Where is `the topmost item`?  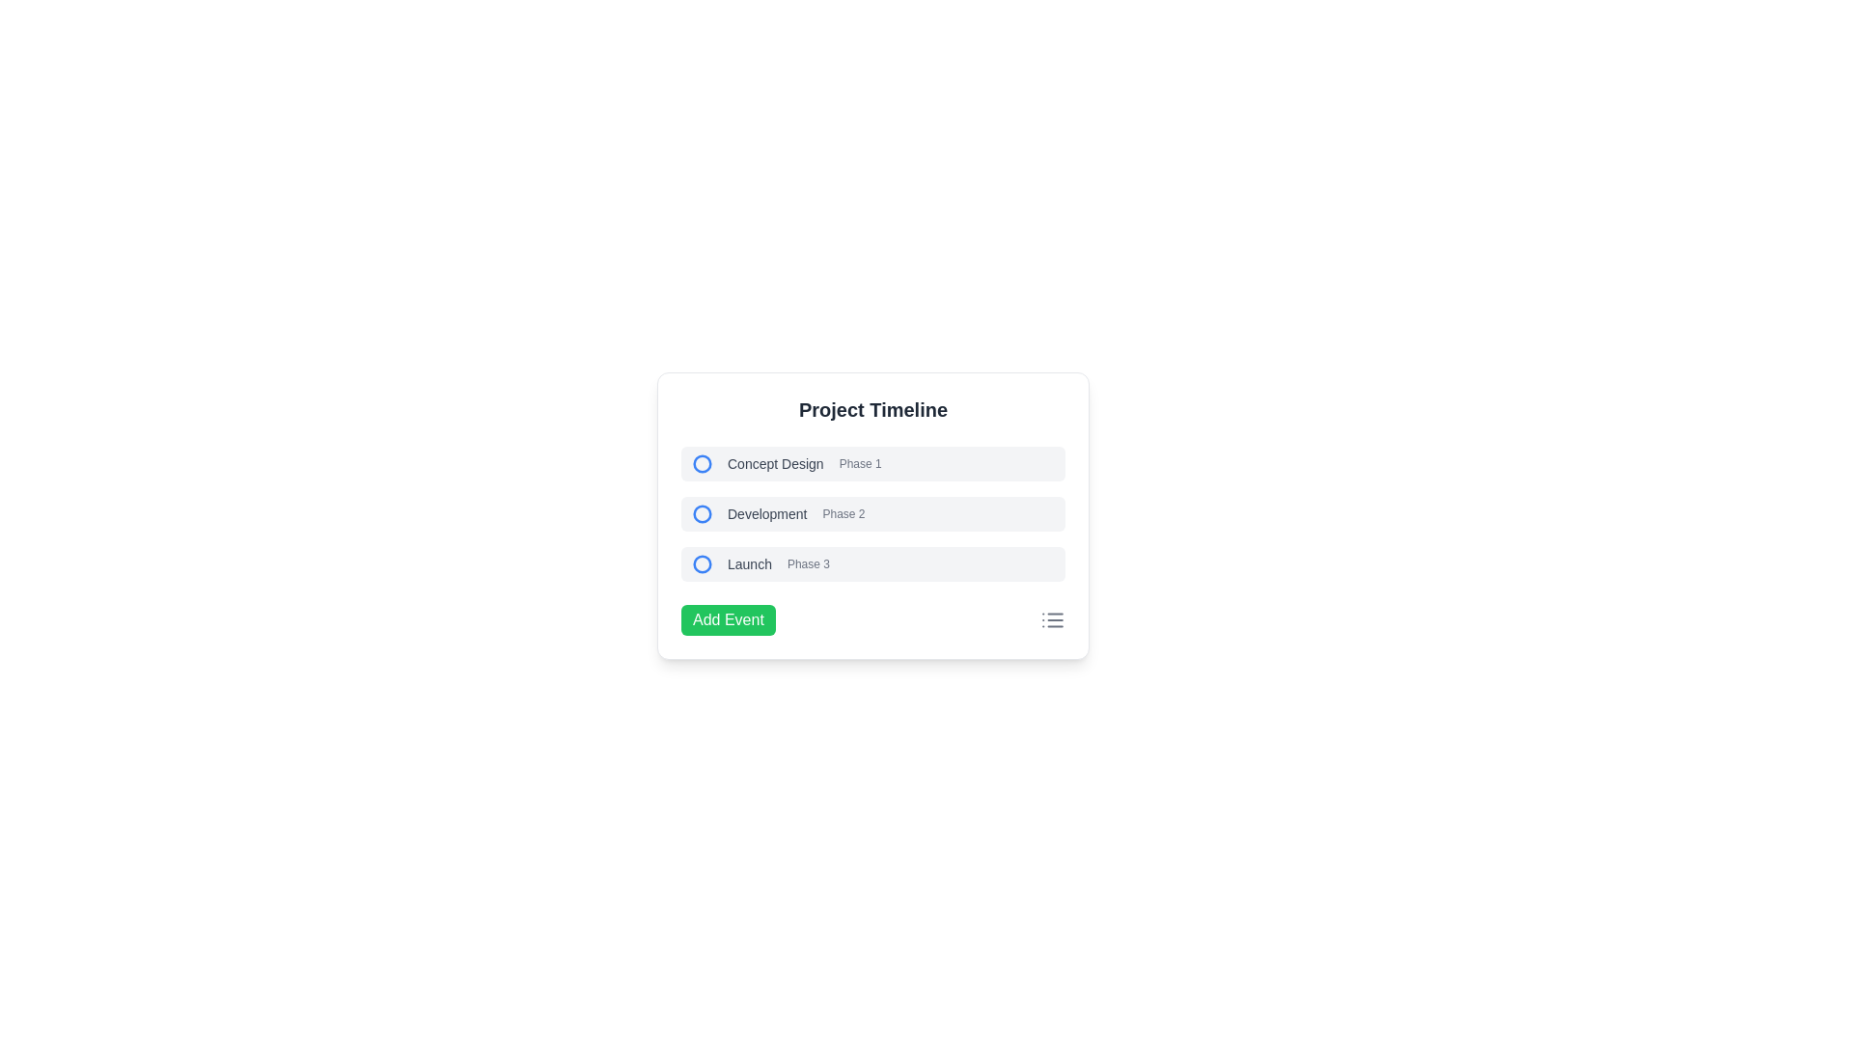 the topmost item is located at coordinates (872, 464).